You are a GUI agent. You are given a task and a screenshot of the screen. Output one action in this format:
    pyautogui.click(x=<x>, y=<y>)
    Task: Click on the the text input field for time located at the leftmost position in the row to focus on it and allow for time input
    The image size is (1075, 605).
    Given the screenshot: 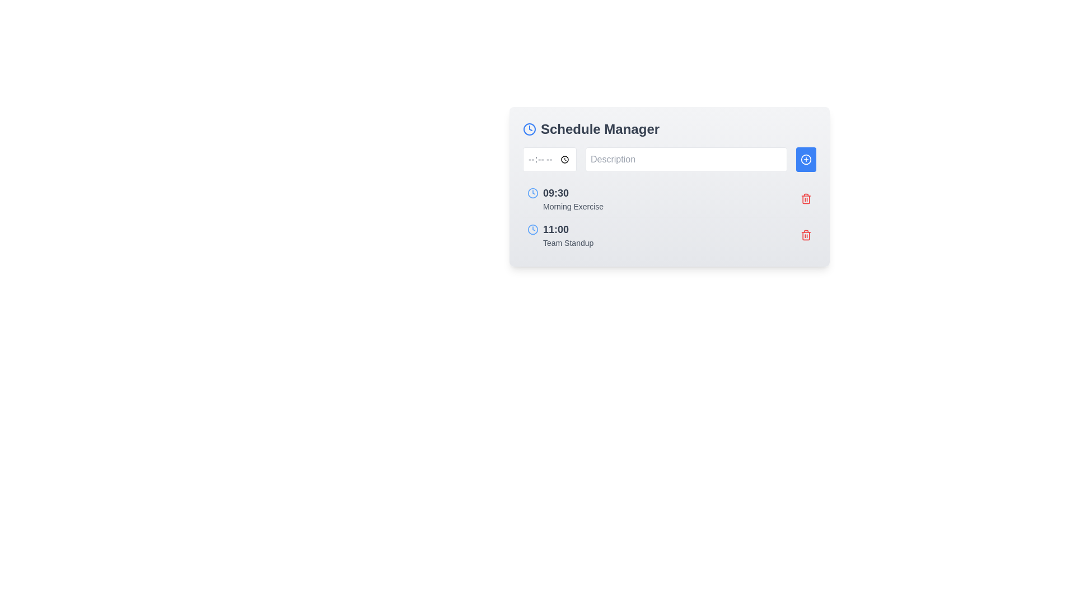 What is the action you would take?
    pyautogui.click(x=550, y=160)
    